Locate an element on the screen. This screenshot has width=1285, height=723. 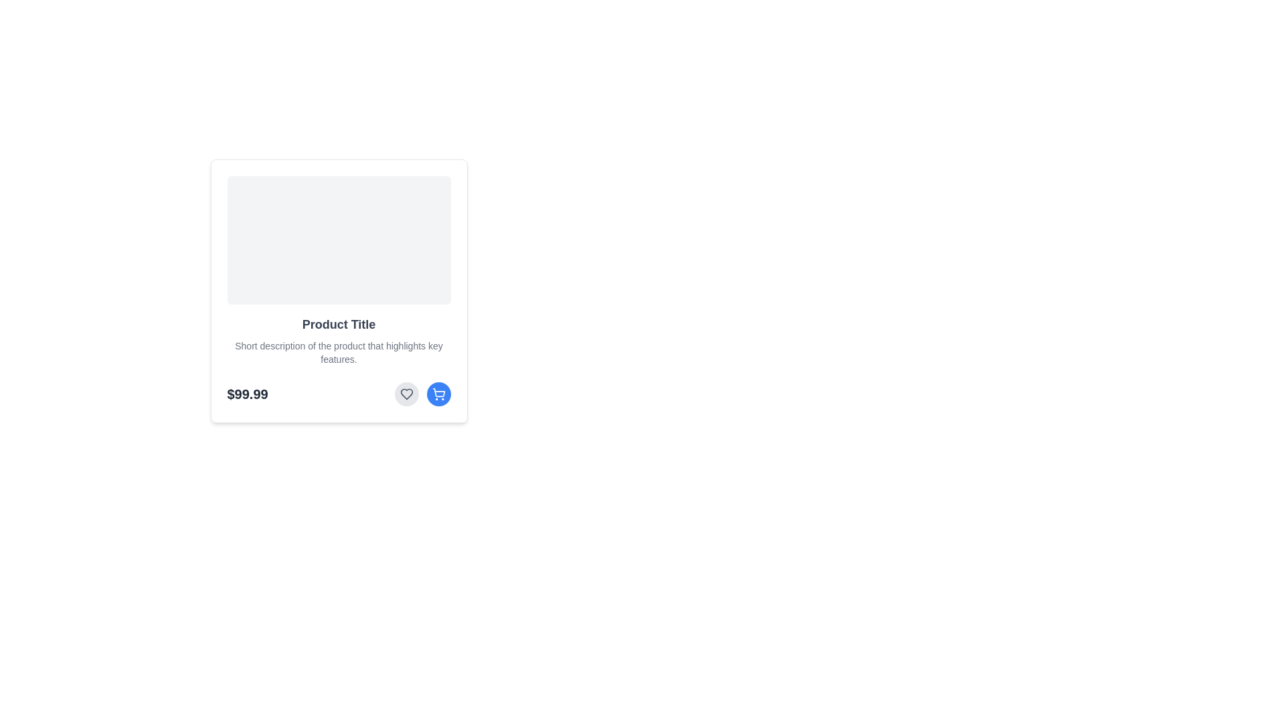
the shopping cart icon within the blue circular button located at the bottom-right corner of the product card is located at coordinates (438, 394).